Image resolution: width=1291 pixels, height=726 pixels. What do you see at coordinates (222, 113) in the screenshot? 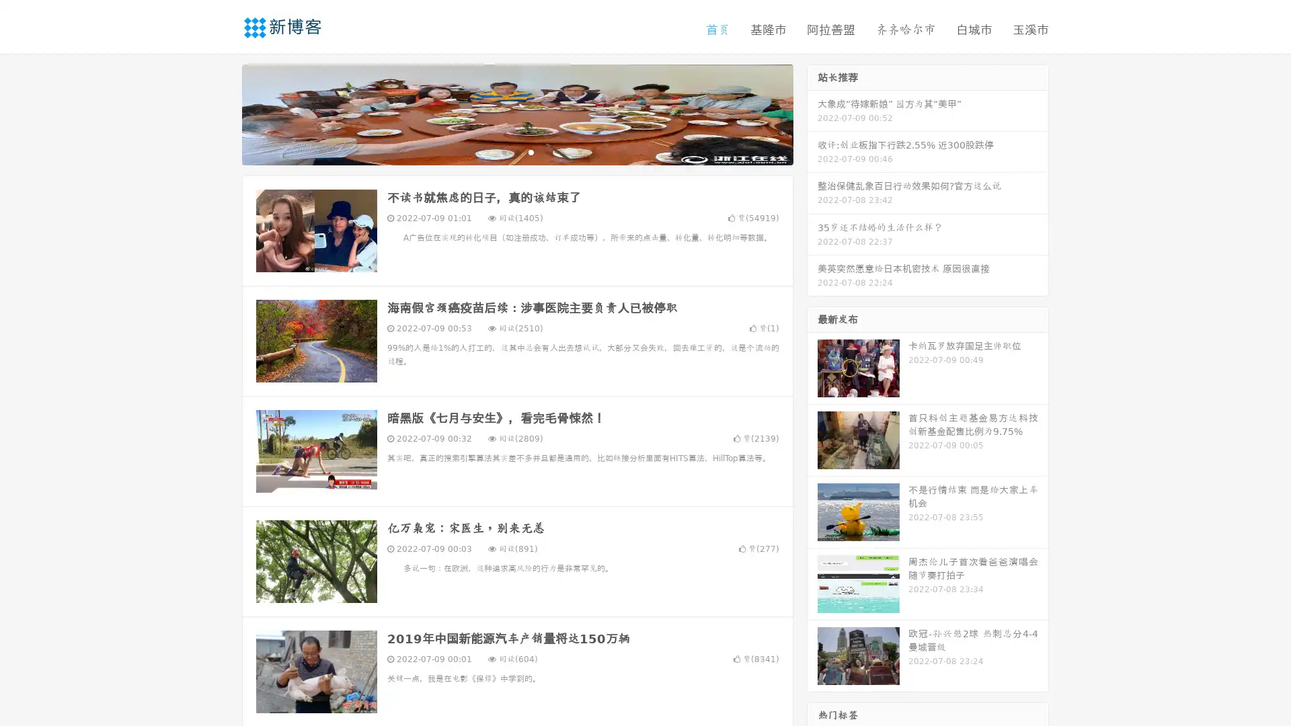
I see `Previous slide` at bounding box center [222, 113].